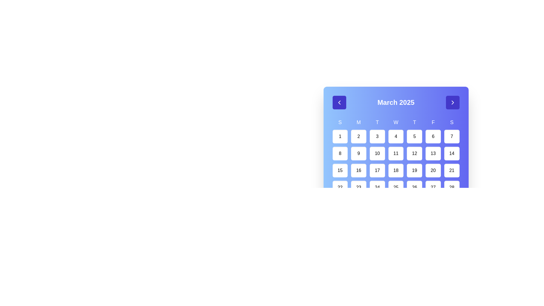  What do you see at coordinates (433, 188) in the screenshot?
I see `the calendar button representing the 27th day of the month, located in the fourth row under the 'F' (Friday) column` at bounding box center [433, 188].